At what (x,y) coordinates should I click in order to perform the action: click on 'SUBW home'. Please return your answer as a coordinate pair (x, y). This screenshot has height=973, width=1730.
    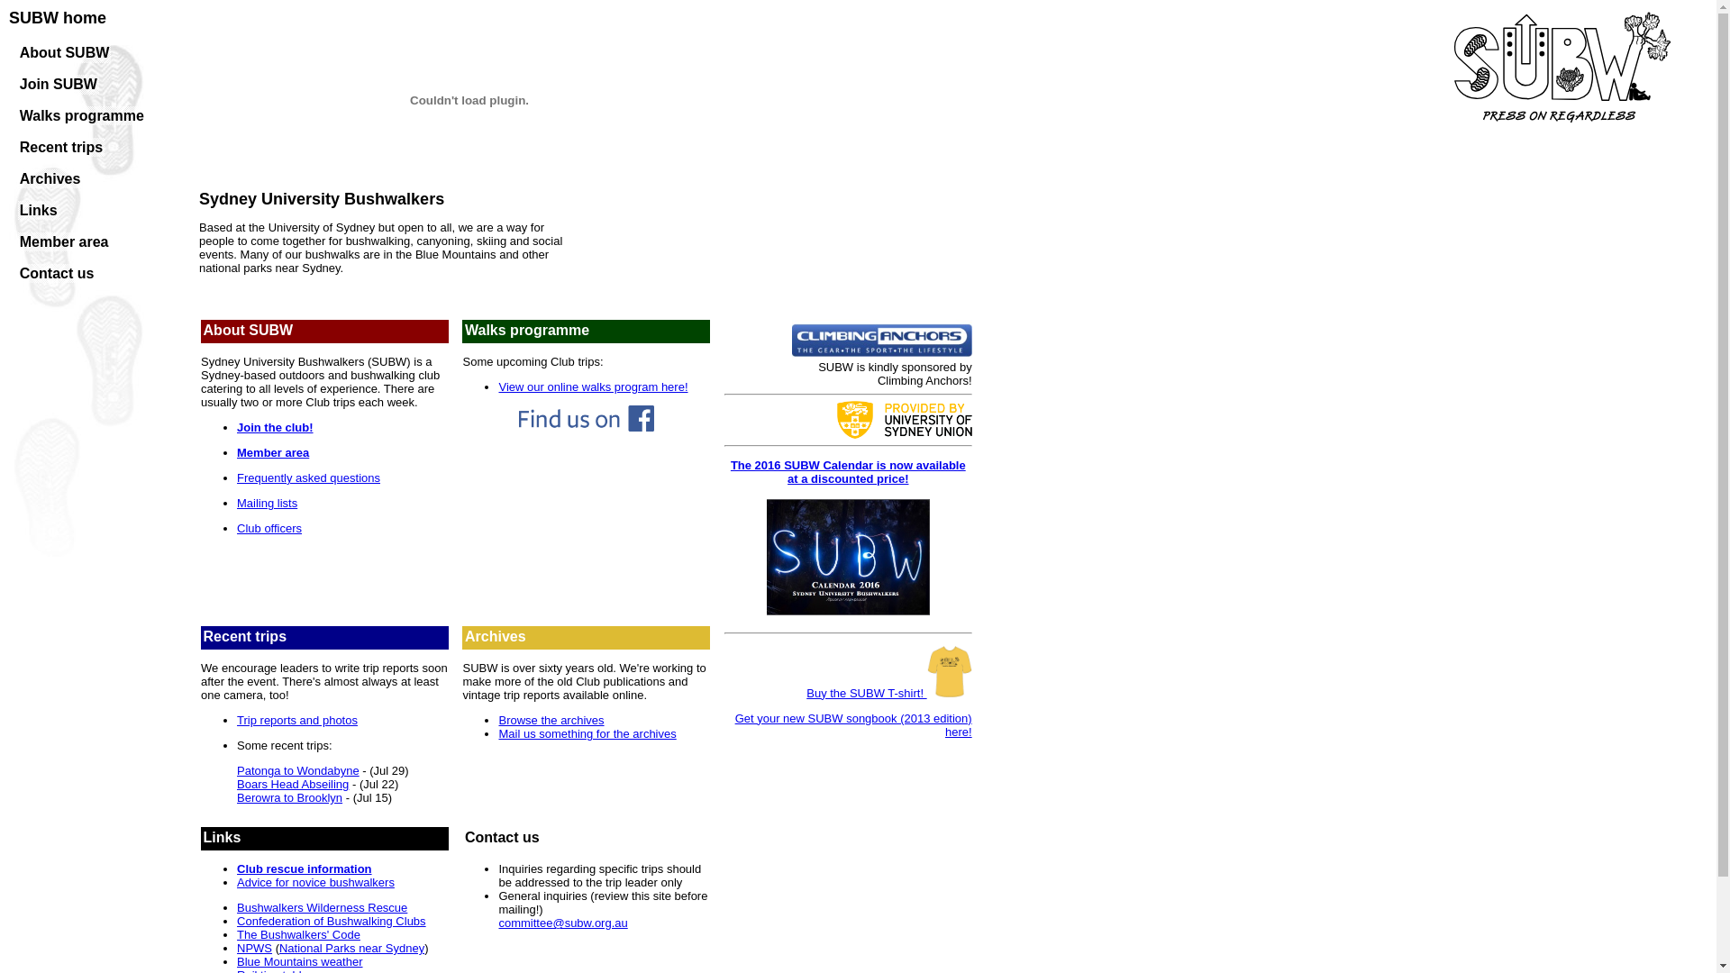
    Looking at the image, I should click on (8, 17).